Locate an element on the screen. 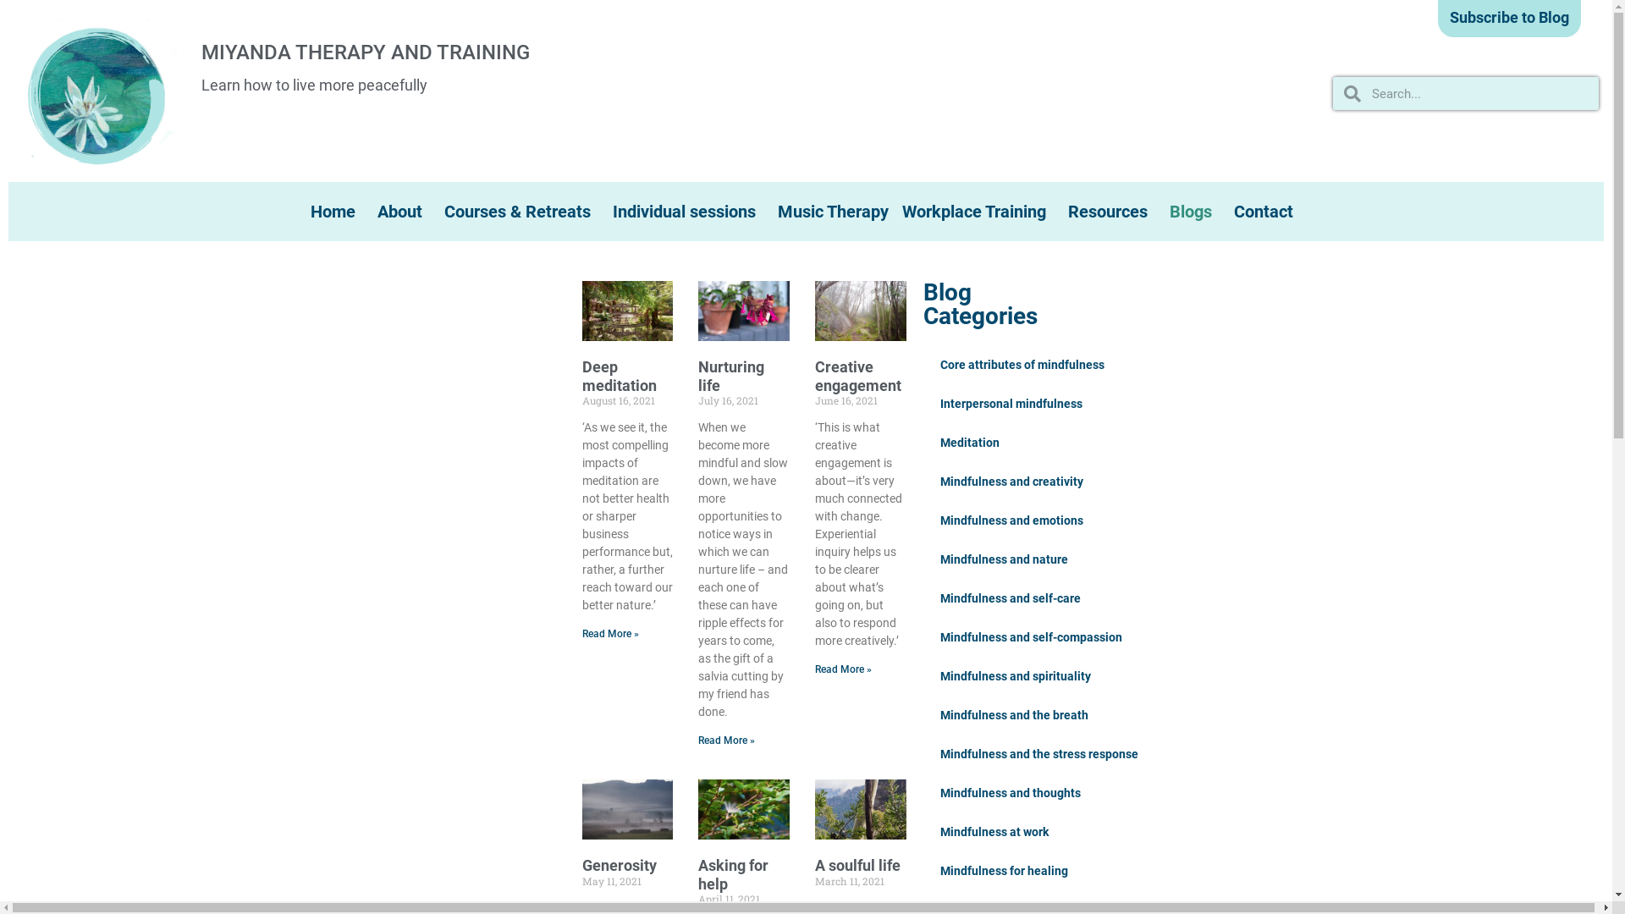  'Interpersonal mindfulness' is located at coordinates (1011, 404).